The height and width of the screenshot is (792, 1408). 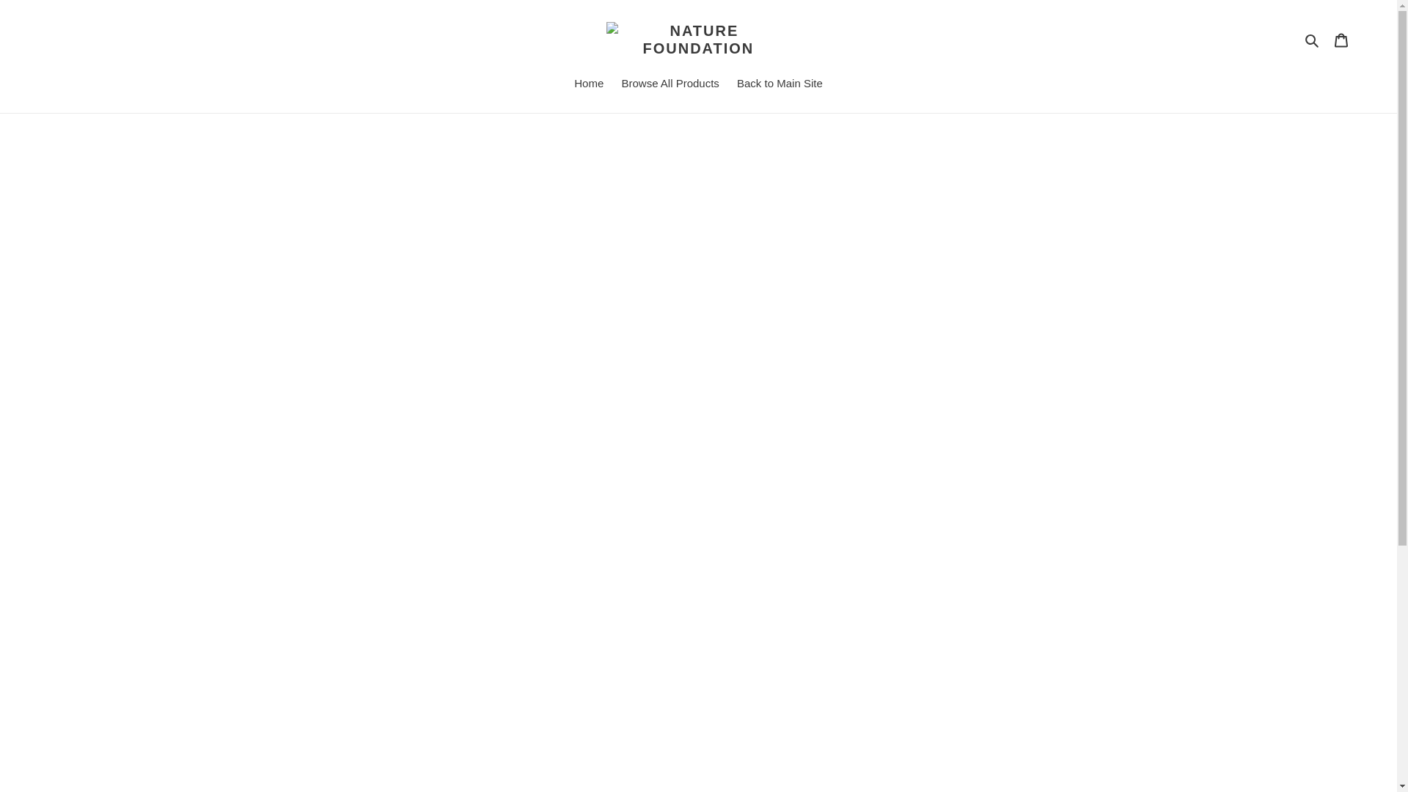 I want to click on 'Search', so click(x=1313, y=39).